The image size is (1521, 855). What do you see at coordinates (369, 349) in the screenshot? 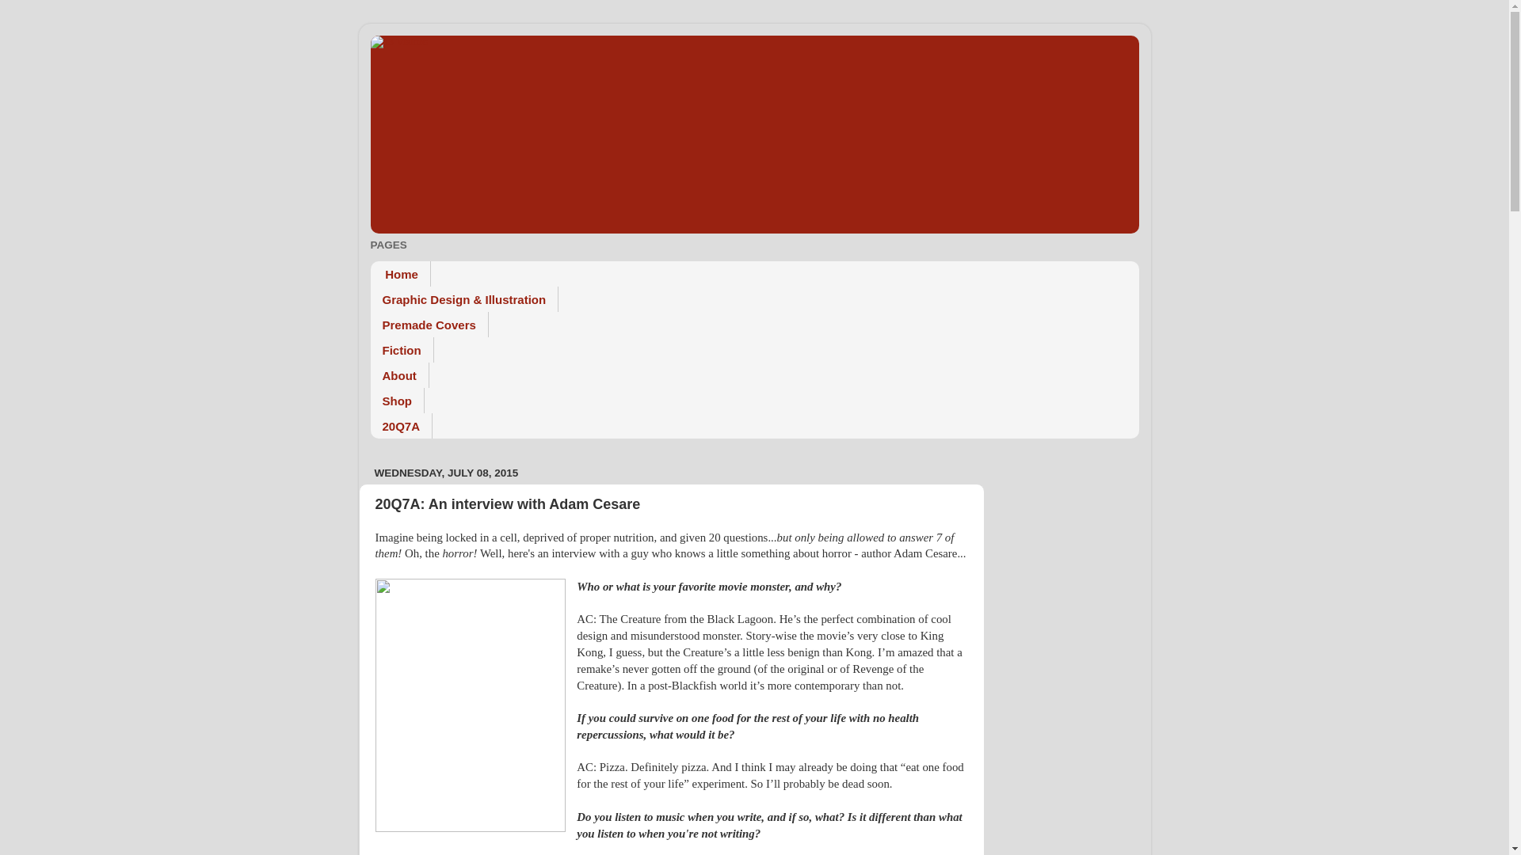
I see `'Fiction'` at bounding box center [369, 349].